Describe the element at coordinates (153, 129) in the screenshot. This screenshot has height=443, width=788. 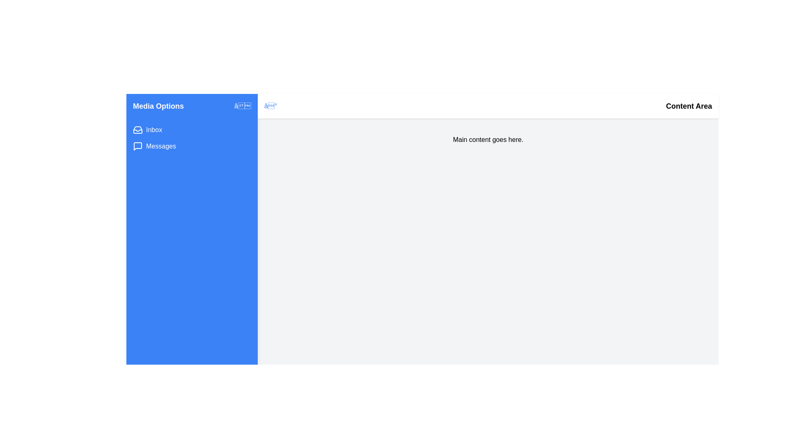
I see `the Inbox option in the MultimediaDrawer component` at that location.